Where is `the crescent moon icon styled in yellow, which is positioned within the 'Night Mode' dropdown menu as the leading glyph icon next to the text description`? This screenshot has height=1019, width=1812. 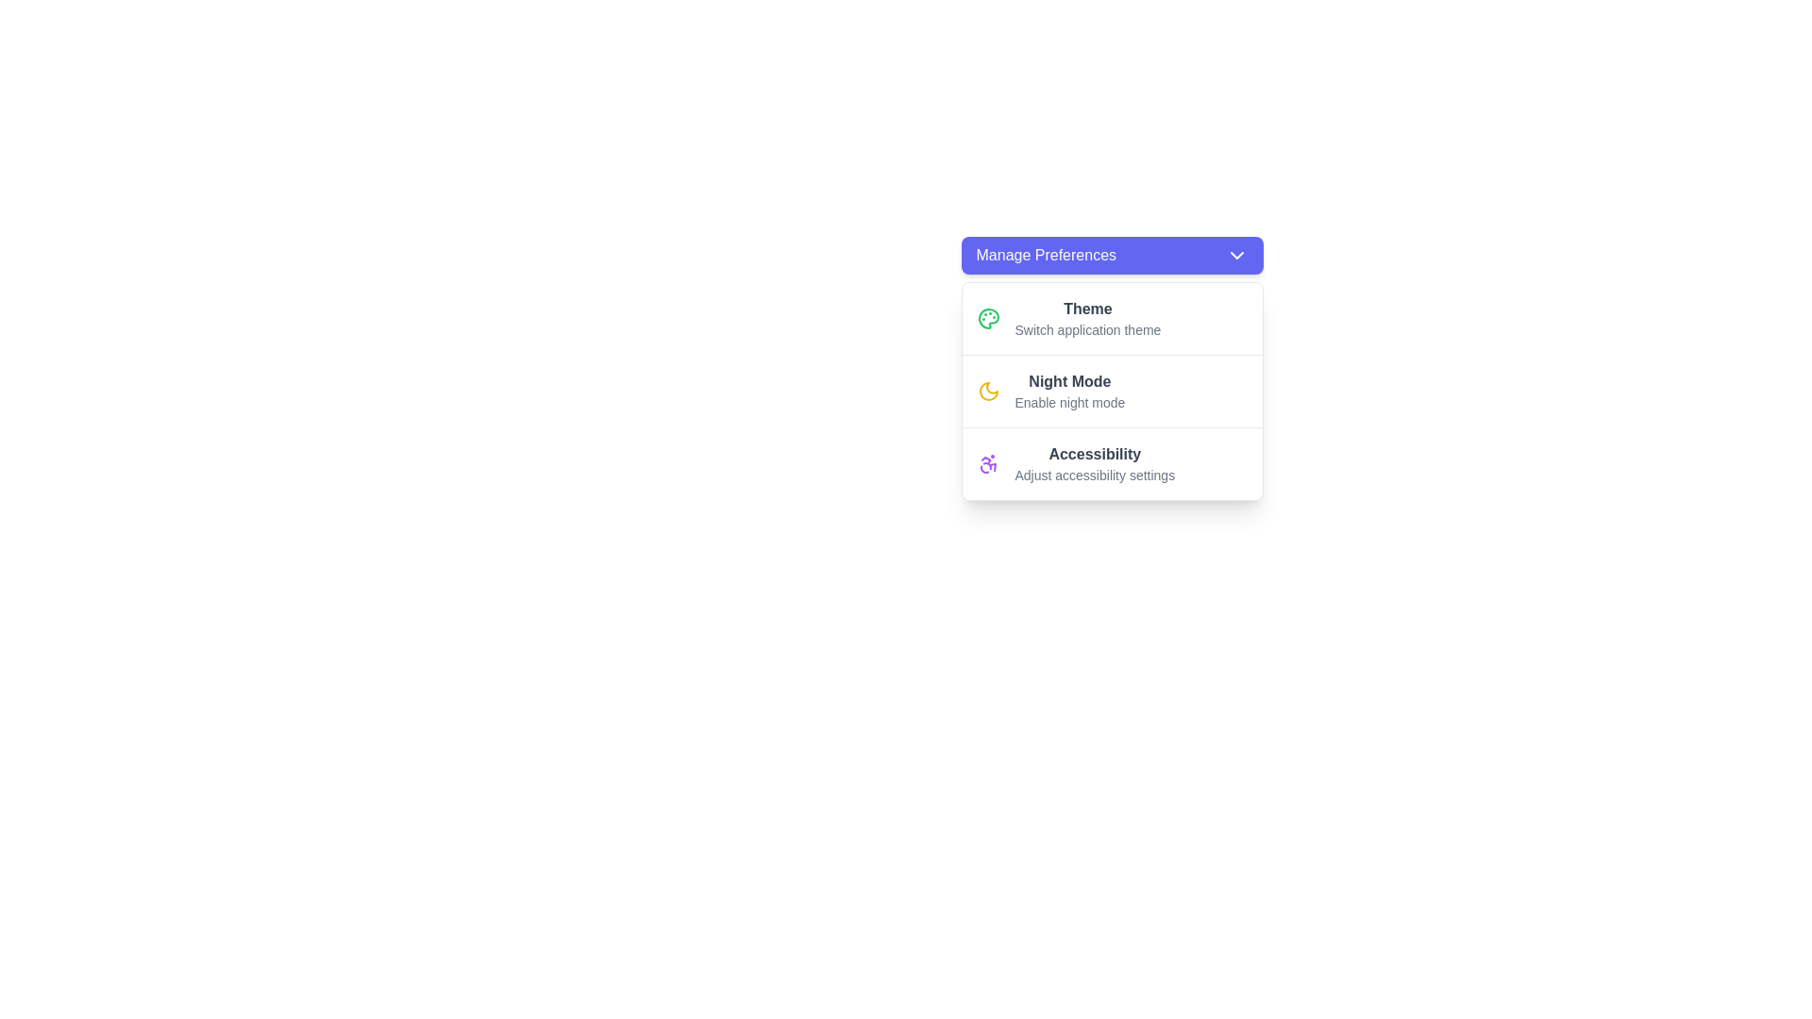 the crescent moon icon styled in yellow, which is positioned within the 'Night Mode' dropdown menu as the leading glyph icon next to the text description is located at coordinates (987, 391).